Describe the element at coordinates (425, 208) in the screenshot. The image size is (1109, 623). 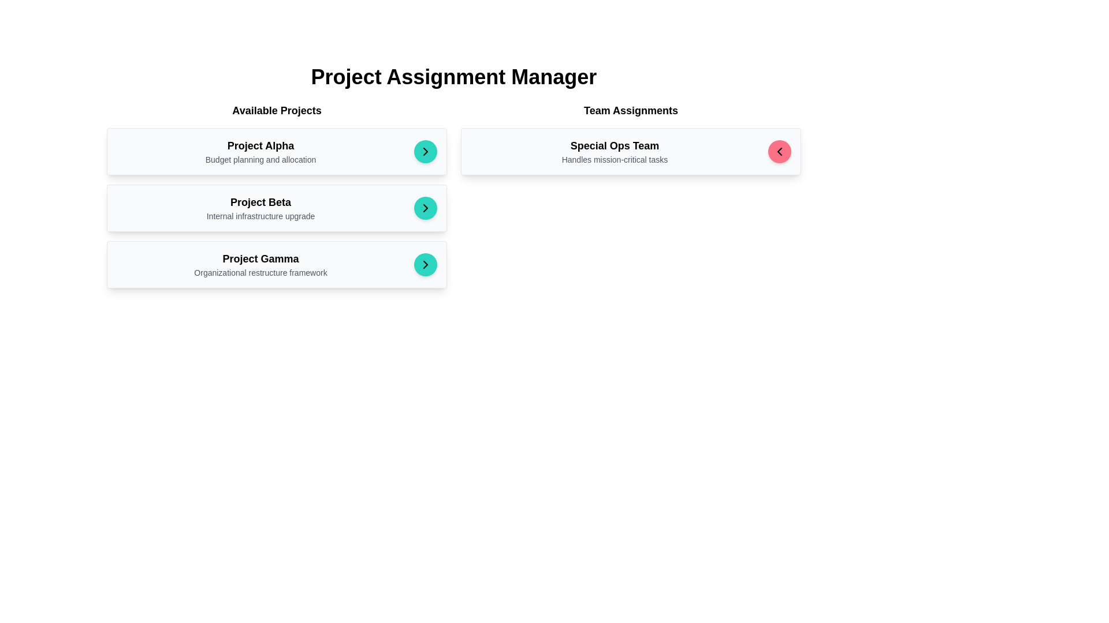
I see `the right-pointing chevron icon button within the teal circular button in the 'Available Projects' list labeled 'Project Beta'` at that location.